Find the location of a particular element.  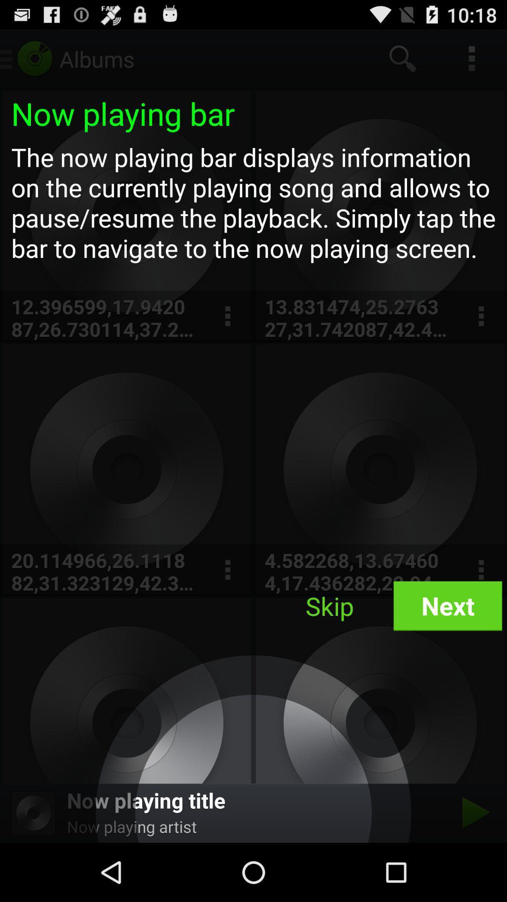

see options is located at coordinates (481, 316).